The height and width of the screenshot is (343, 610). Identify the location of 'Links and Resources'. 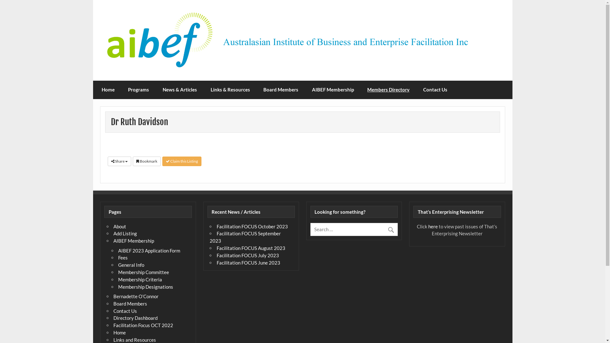
(134, 339).